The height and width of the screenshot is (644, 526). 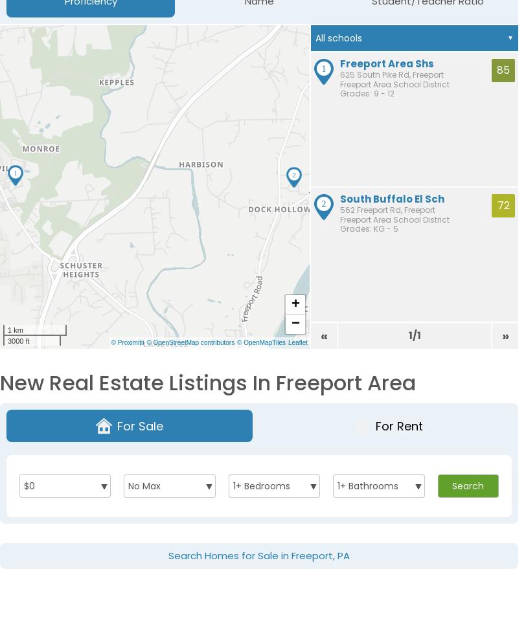 I want to click on 'For
                  Rent', so click(x=399, y=425).